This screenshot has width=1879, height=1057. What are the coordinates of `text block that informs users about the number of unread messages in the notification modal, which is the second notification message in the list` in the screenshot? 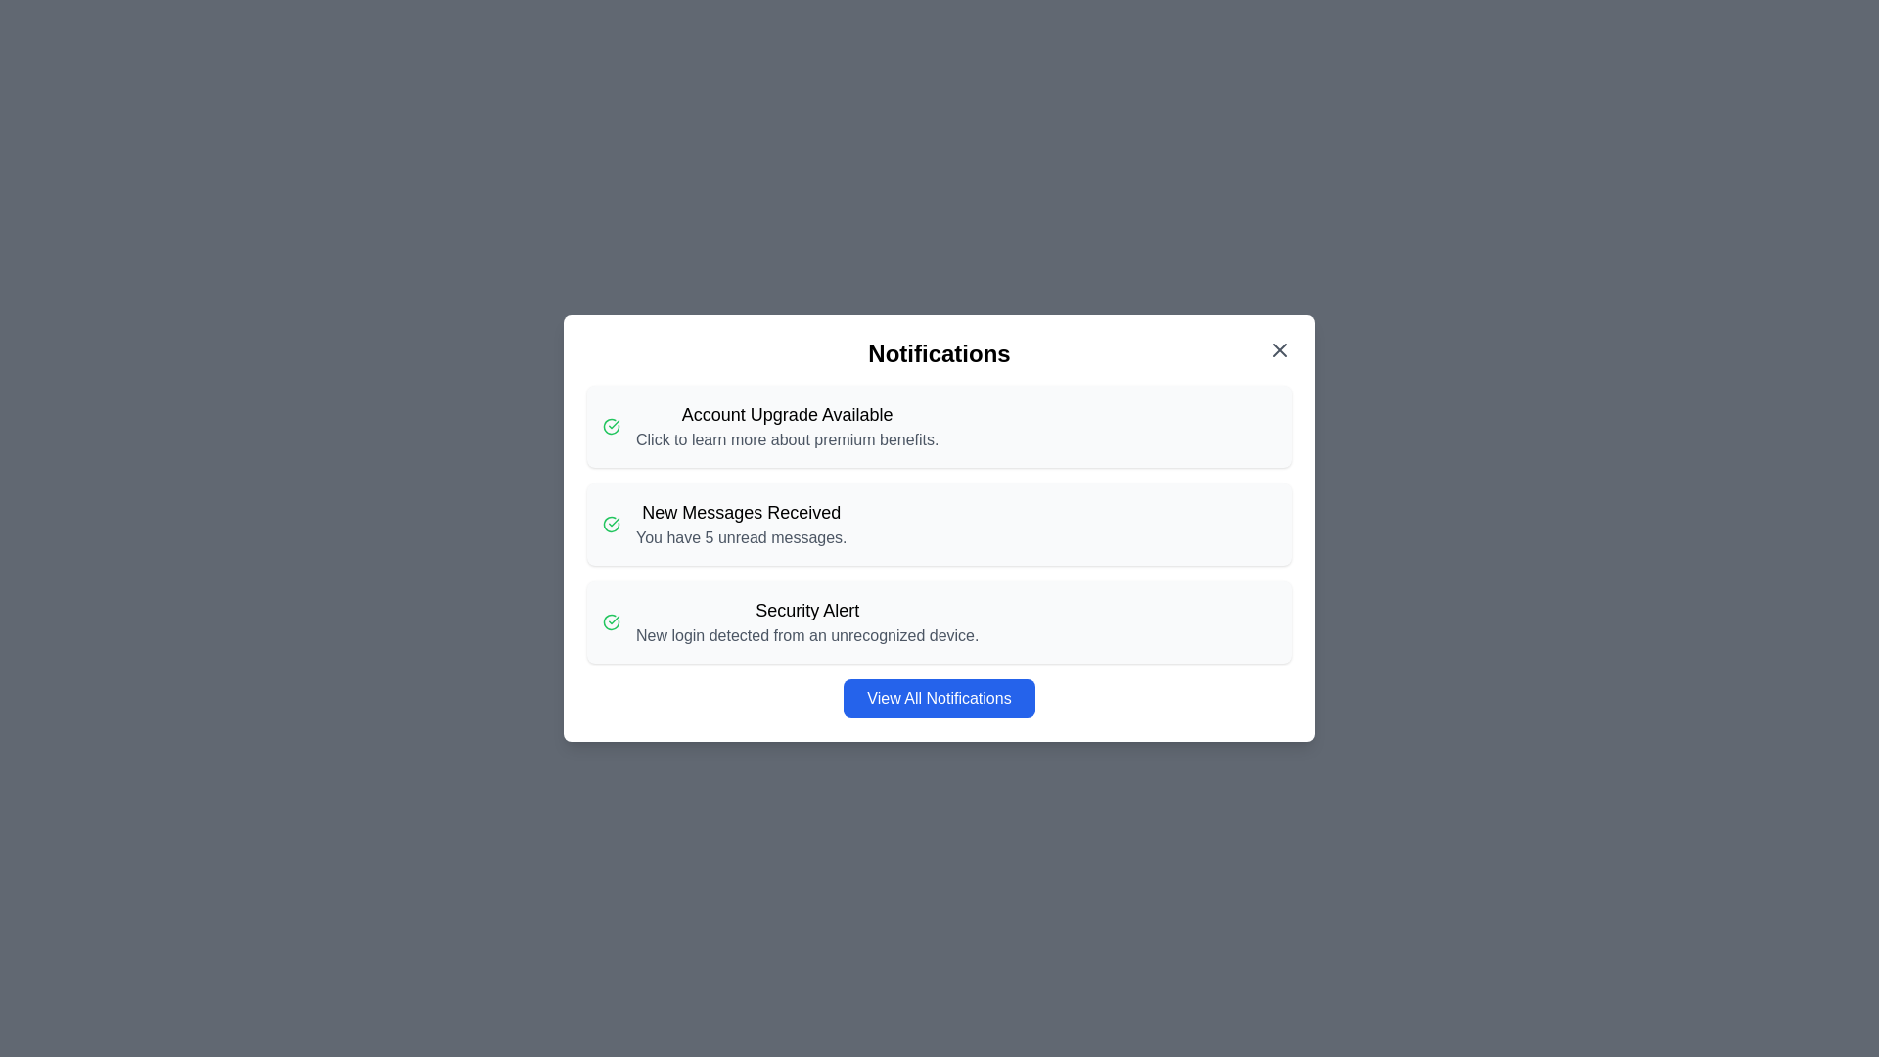 It's located at (740, 524).